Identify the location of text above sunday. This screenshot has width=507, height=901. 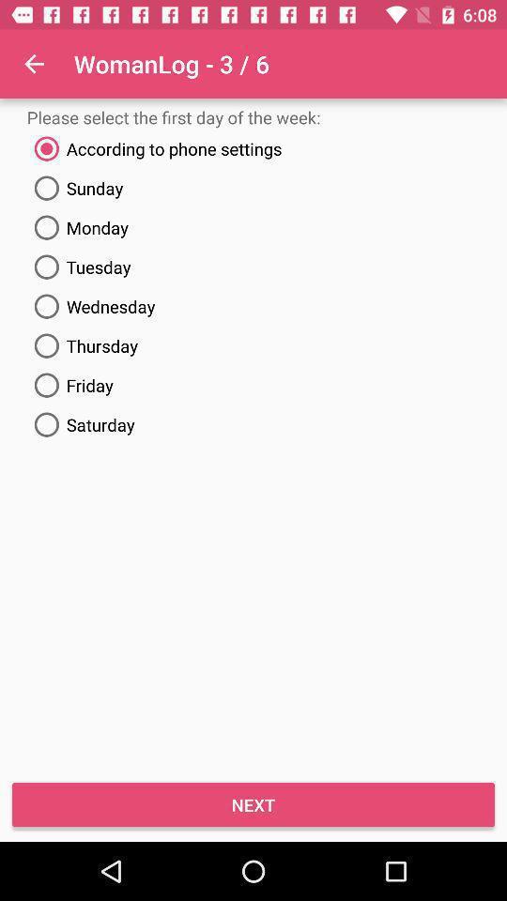
(253, 147).